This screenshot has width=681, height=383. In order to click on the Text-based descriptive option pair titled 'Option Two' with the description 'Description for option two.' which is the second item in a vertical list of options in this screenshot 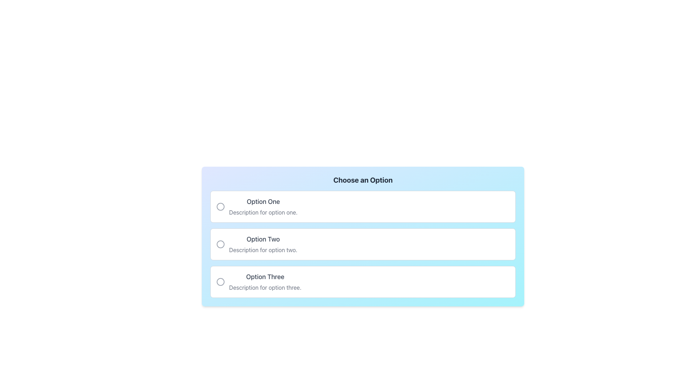, I will do `click(263, 244)`.